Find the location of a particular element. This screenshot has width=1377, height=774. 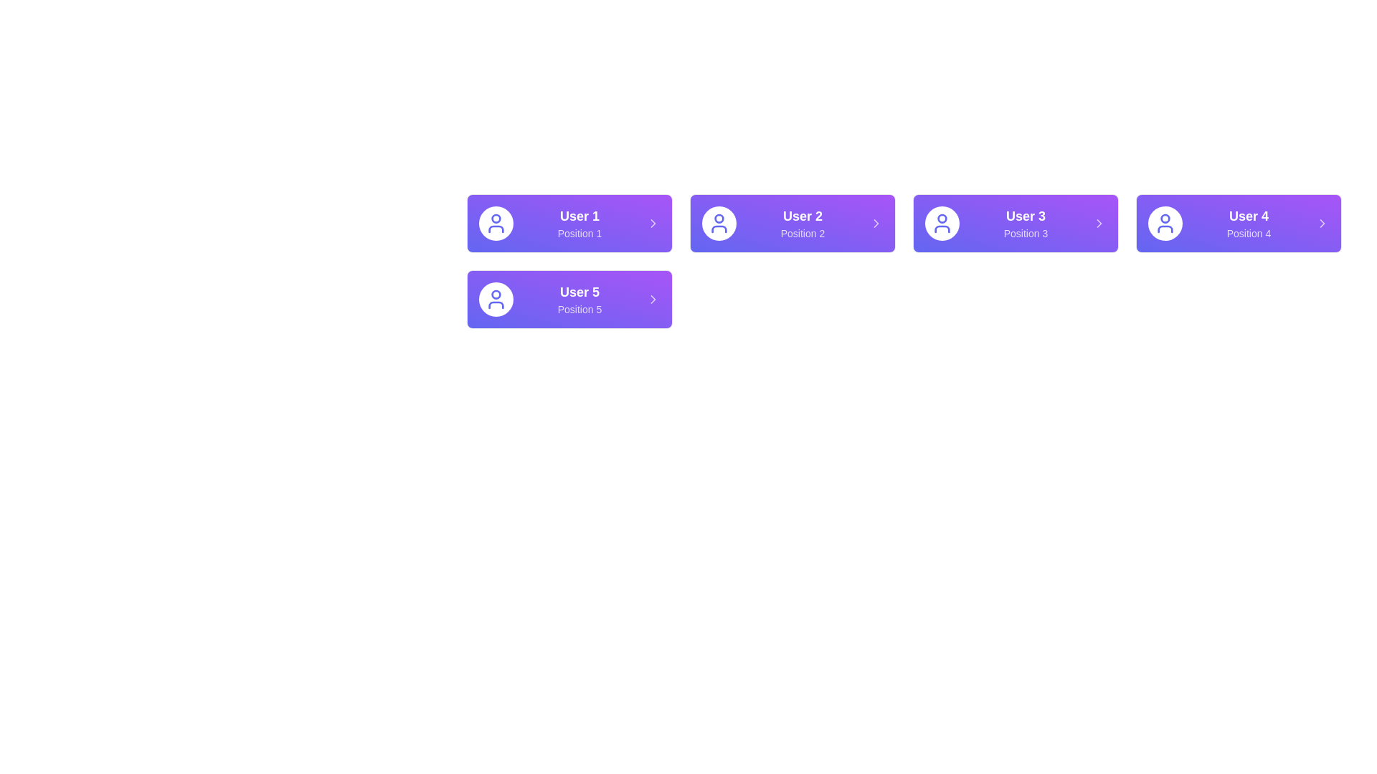

the Text Label displaying 'User 3', which serves as an identifier within the interface, positioned centrally between similar boxes labeled 'User 2' and 'User 4' is located at coordinates (1025, 216).